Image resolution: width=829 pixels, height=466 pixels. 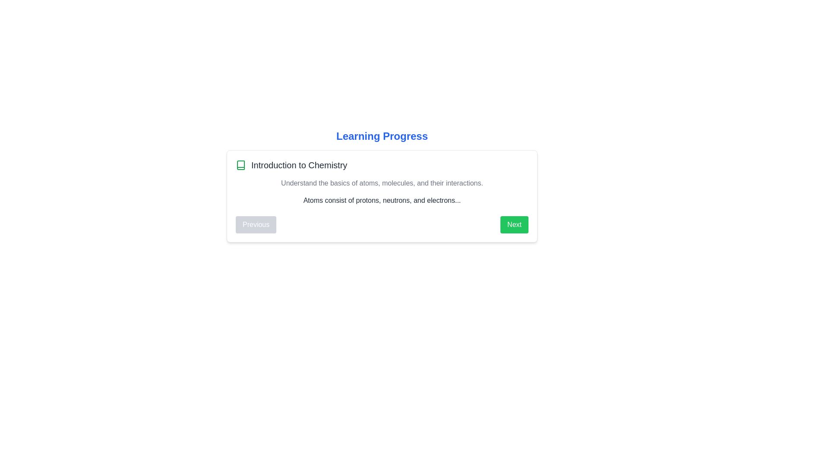 What do you see at coordinates (299, 165) in the screenshot?
I see `the text label displaying 'Introduction to Chemistry', which is a large, bold dark gray title aligned to the right of a green book icon` at bounding box center [299, 165].